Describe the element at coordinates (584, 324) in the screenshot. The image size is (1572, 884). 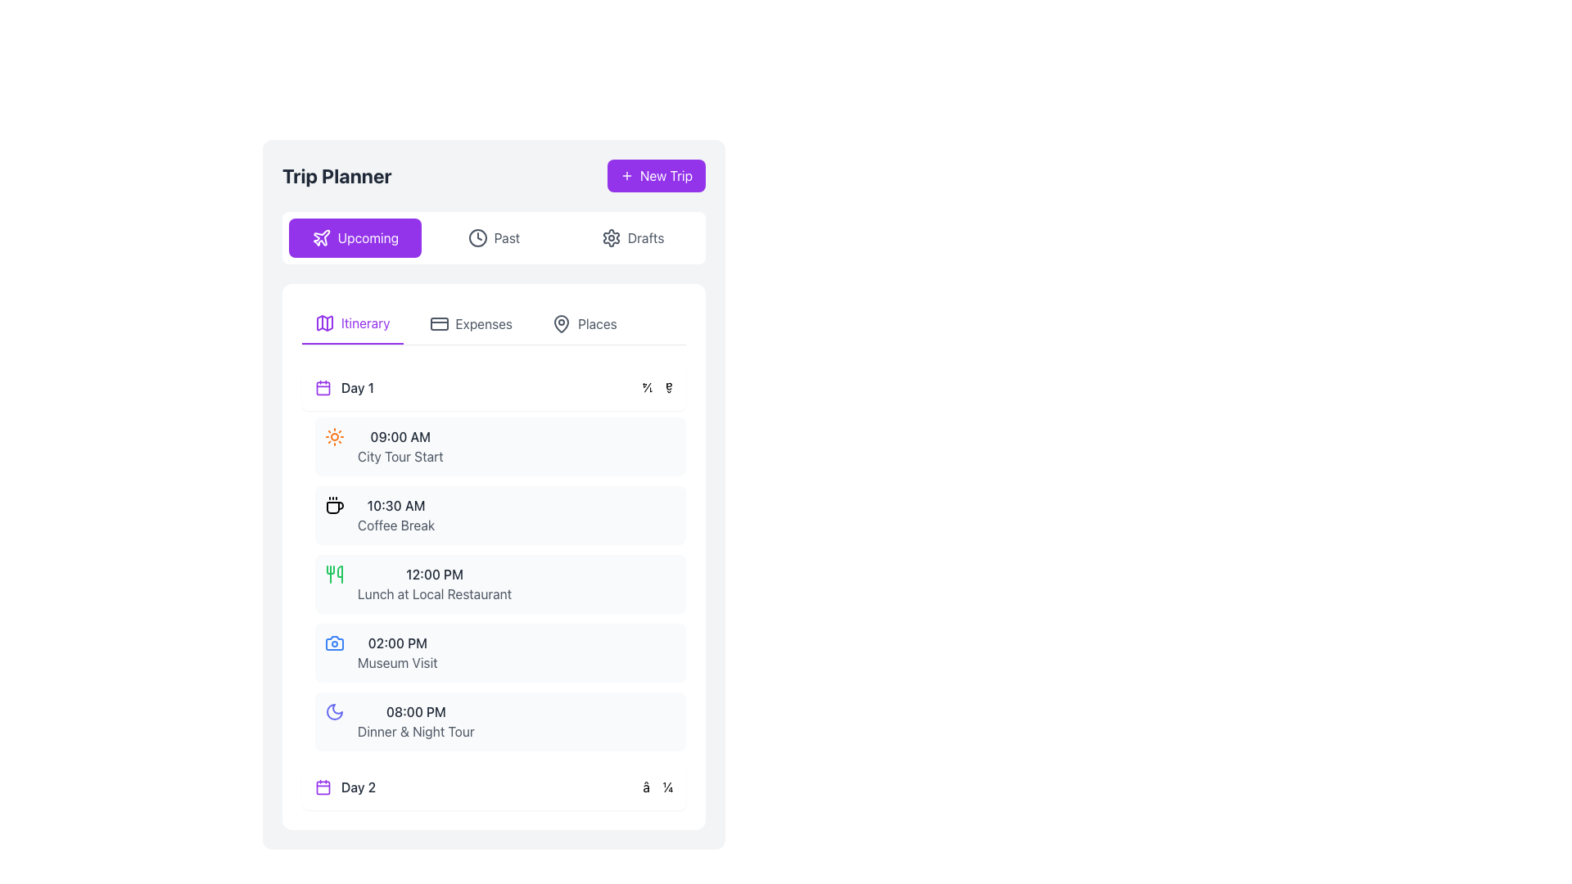
I see `the 'Places' navigation tab under 'Trip Planner'` at that location.